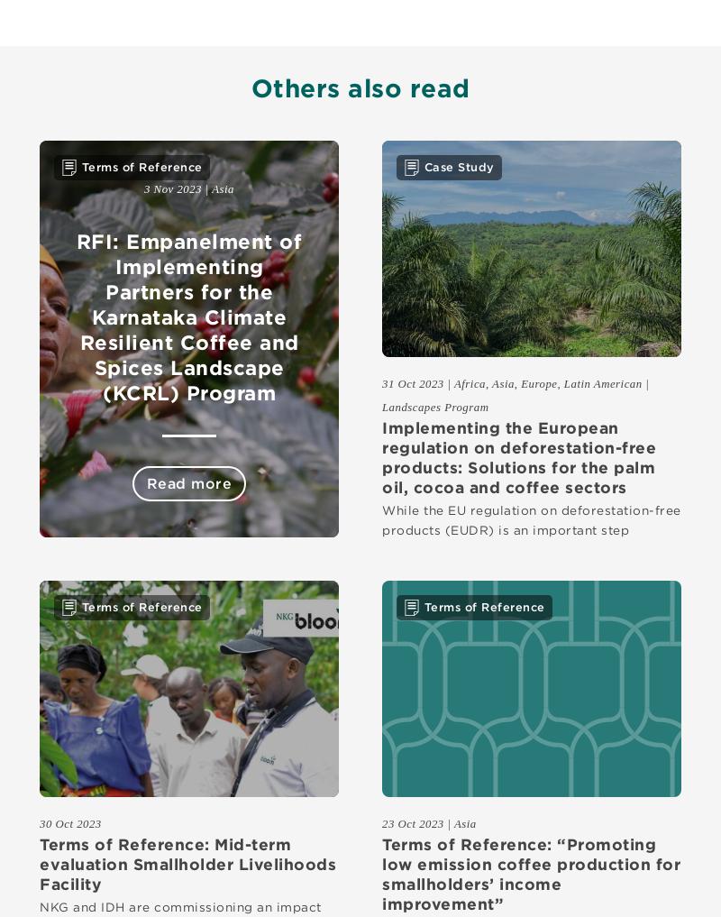 The image size is (721, 917). What do you see at coordinates (144, 188) in the screenshot?
I see `'3 Nov 2023'` at bounding box center [144, 188].